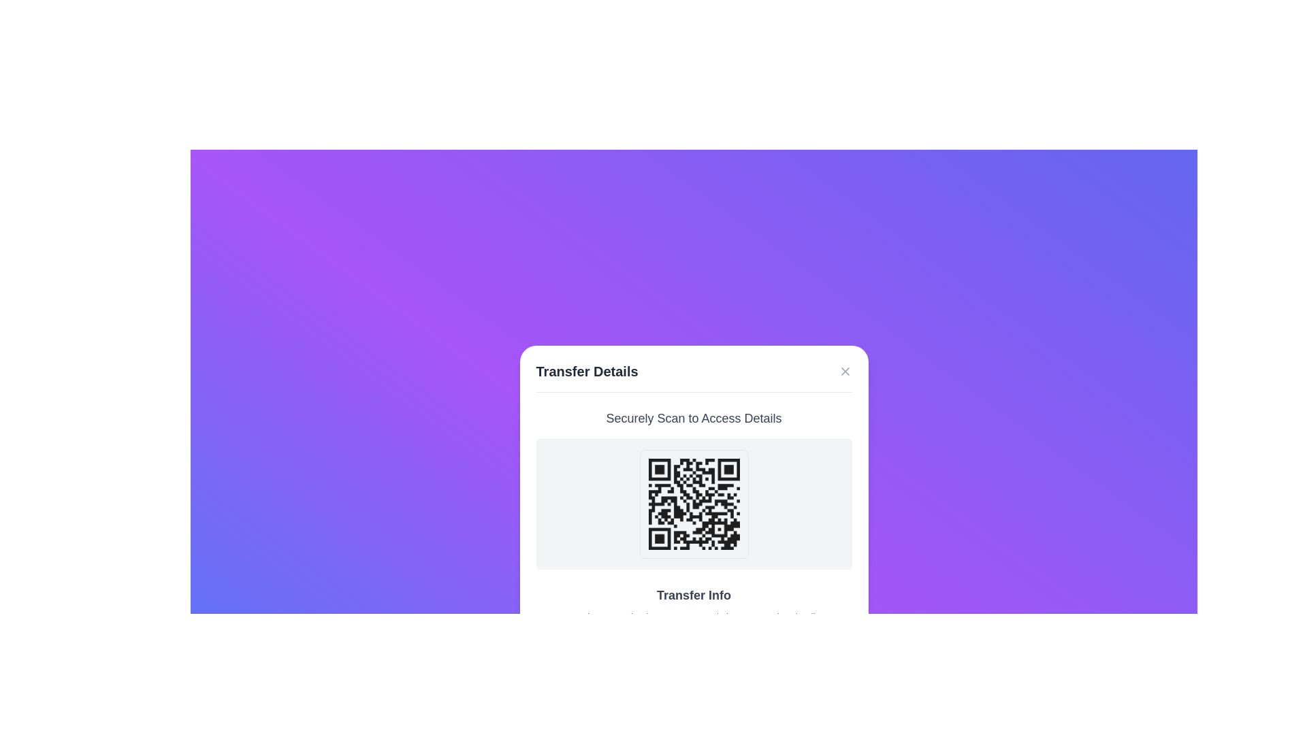 The image size is (1307, 735). What do you see at coordinates (694, 604) in the screenshot?
I see `the informational text block titled 'Transfer Info' which contains a description about using the QR code for transaction details` at bounding box center [694, 604].